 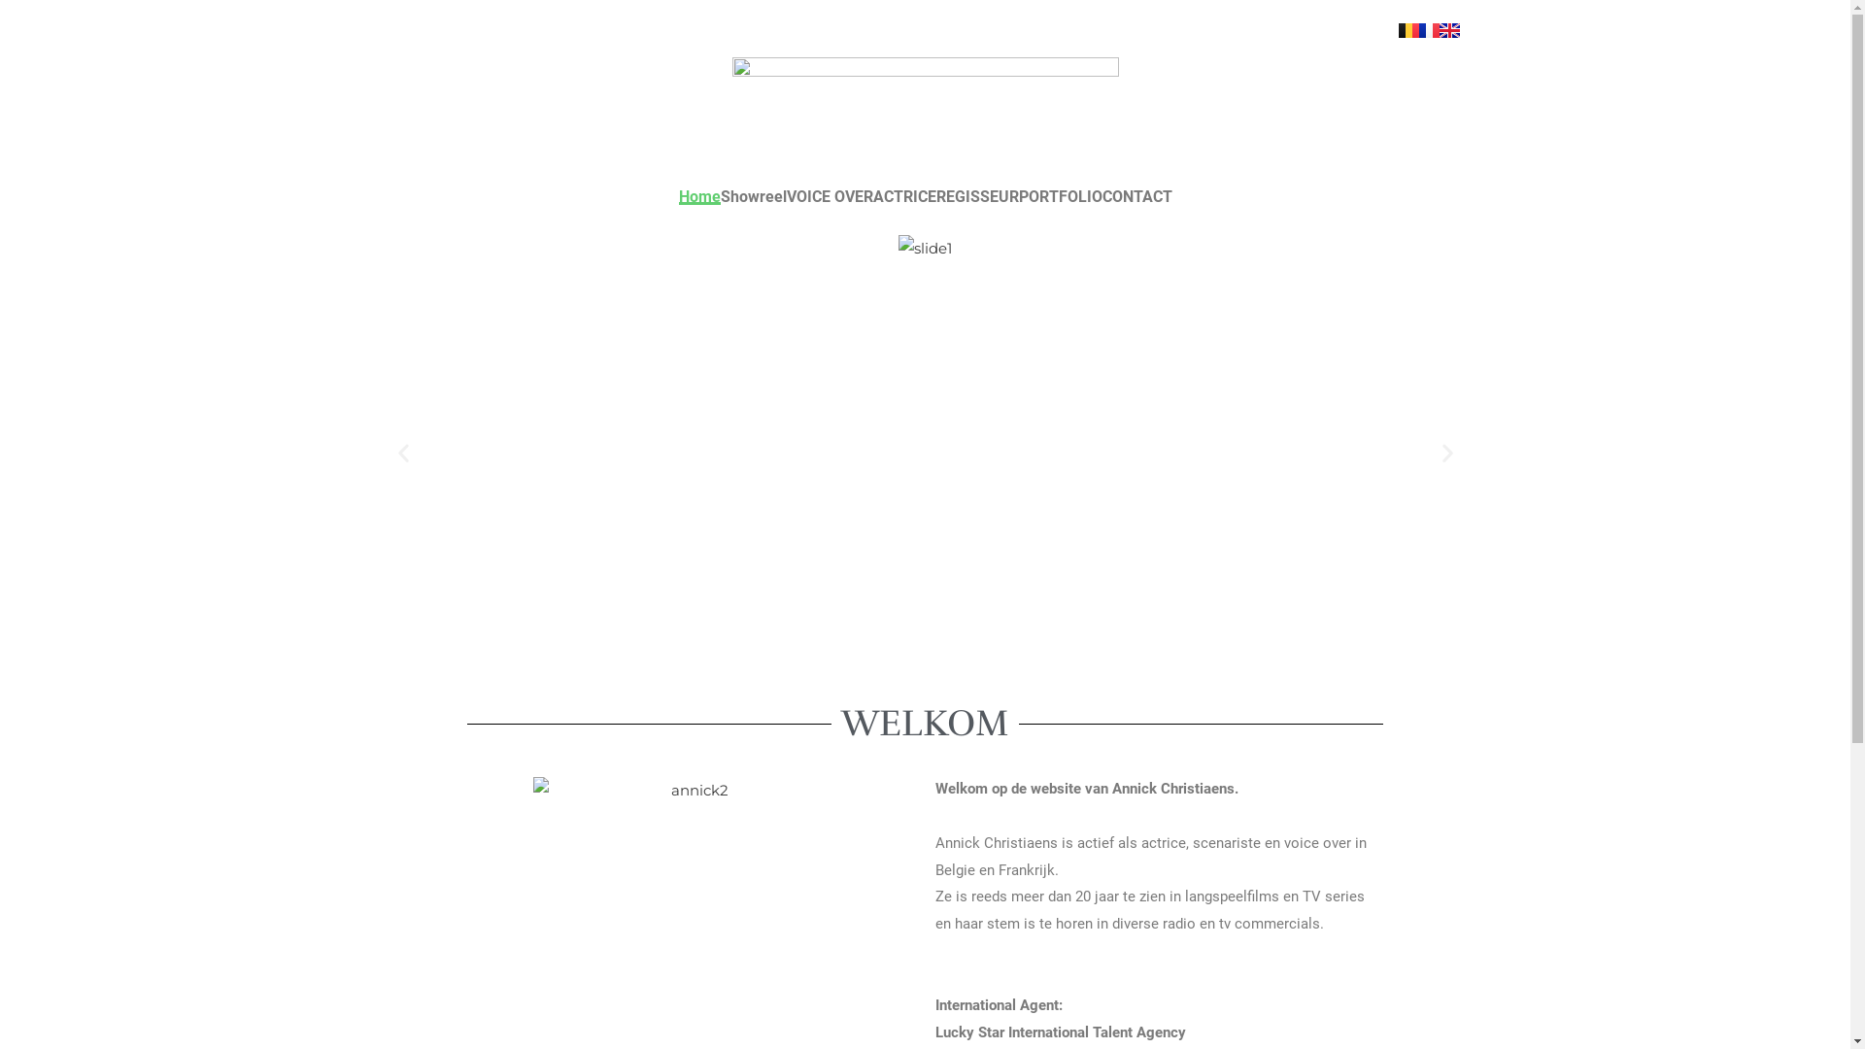 What do you see at coordinates (977, 197) in the screenshot?
I see `'REGISSEUR'` at bounding box center [977, 197].